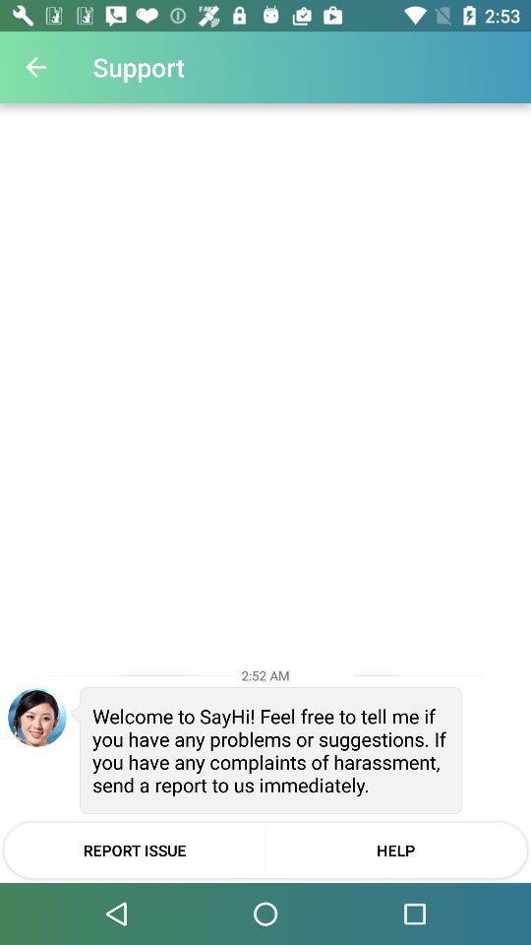  Describe the element at coordinates (35, 67) in the screenshot. I see `item next to the support` at that location.